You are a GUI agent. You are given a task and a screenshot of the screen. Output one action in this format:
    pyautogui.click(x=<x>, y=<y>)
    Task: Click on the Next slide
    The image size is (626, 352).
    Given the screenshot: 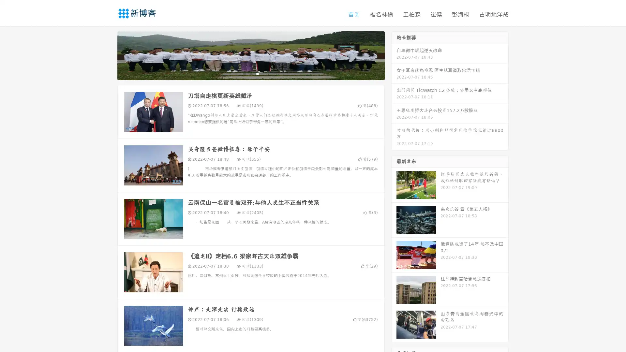 What is the action you would take?
    pyautogui.click(x=394, y=55)
    